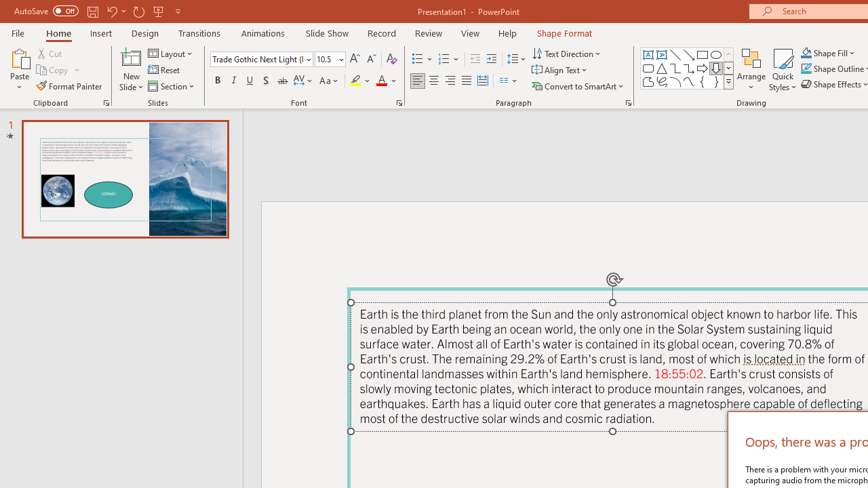 This screenshot has height=488, width=868. I want to click on 'Shape Outline Teal, Accent 1', so click(806, 68).